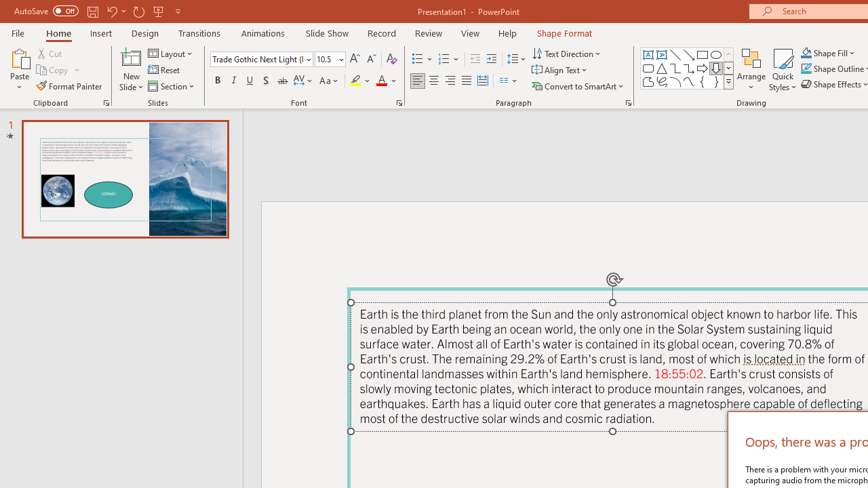 This screenshot has height=488, width=868. I want to click on 'Shape Outline Teal, Accent 1', so click(806, 68).